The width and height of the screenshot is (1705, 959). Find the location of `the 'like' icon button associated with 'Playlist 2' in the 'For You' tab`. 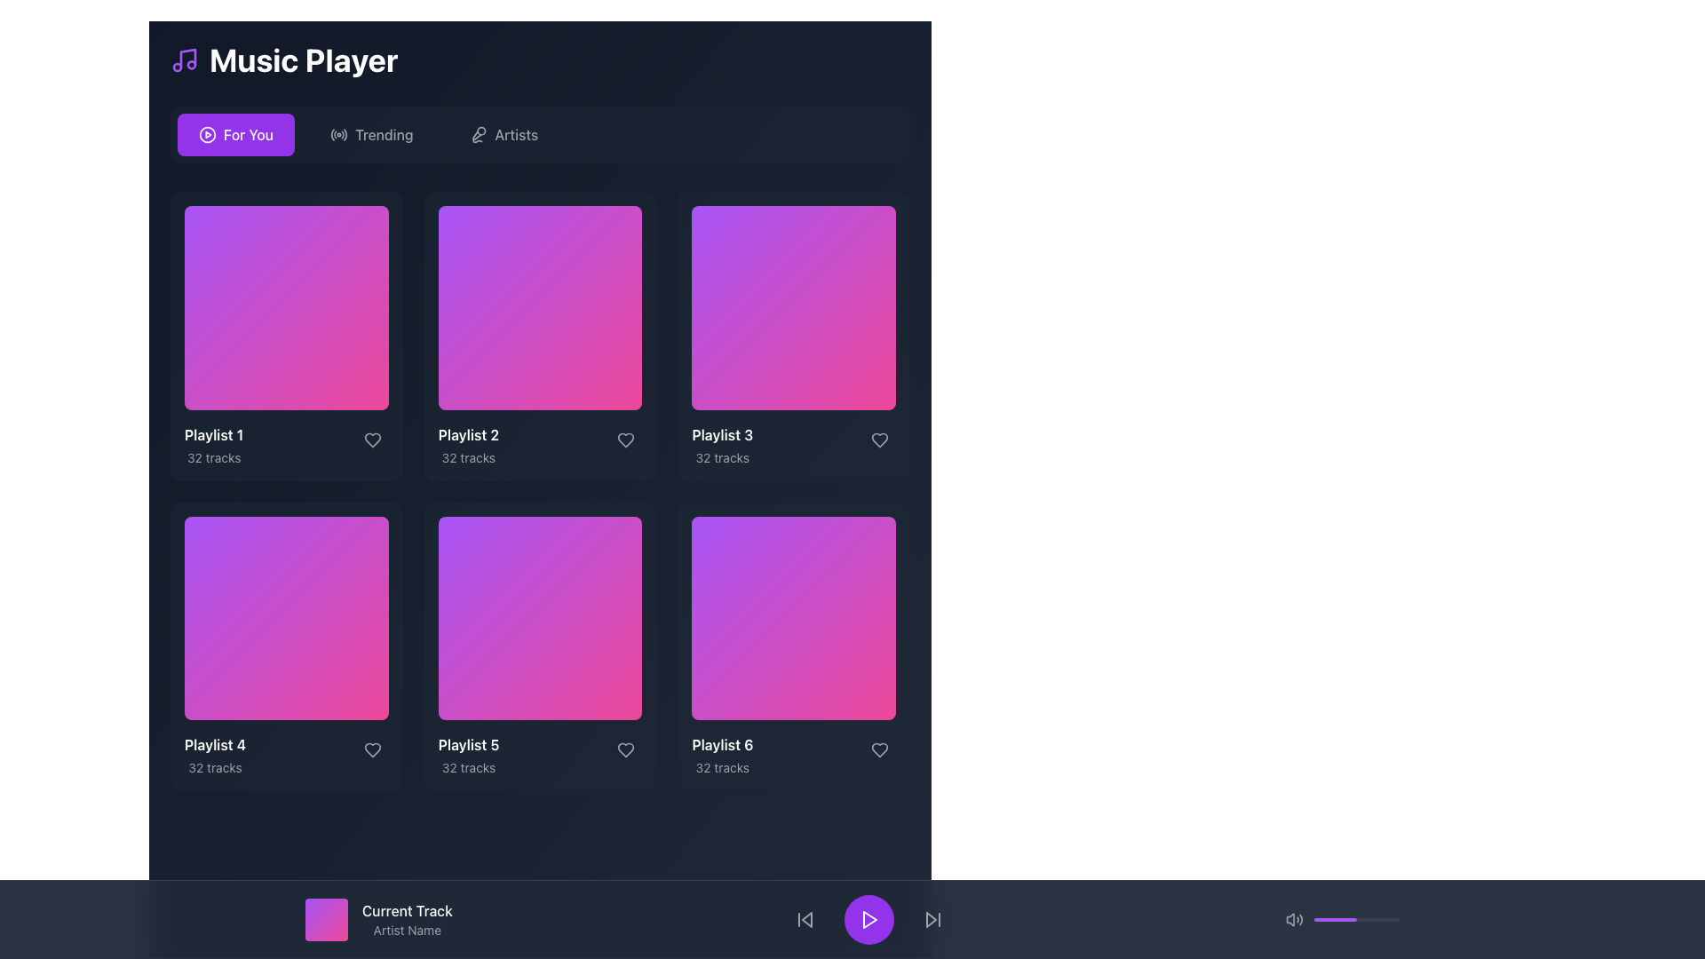

the 'like' icon button associated with 'Playlist 2' in the 'For You' tab is located at coordinates (626, 440).